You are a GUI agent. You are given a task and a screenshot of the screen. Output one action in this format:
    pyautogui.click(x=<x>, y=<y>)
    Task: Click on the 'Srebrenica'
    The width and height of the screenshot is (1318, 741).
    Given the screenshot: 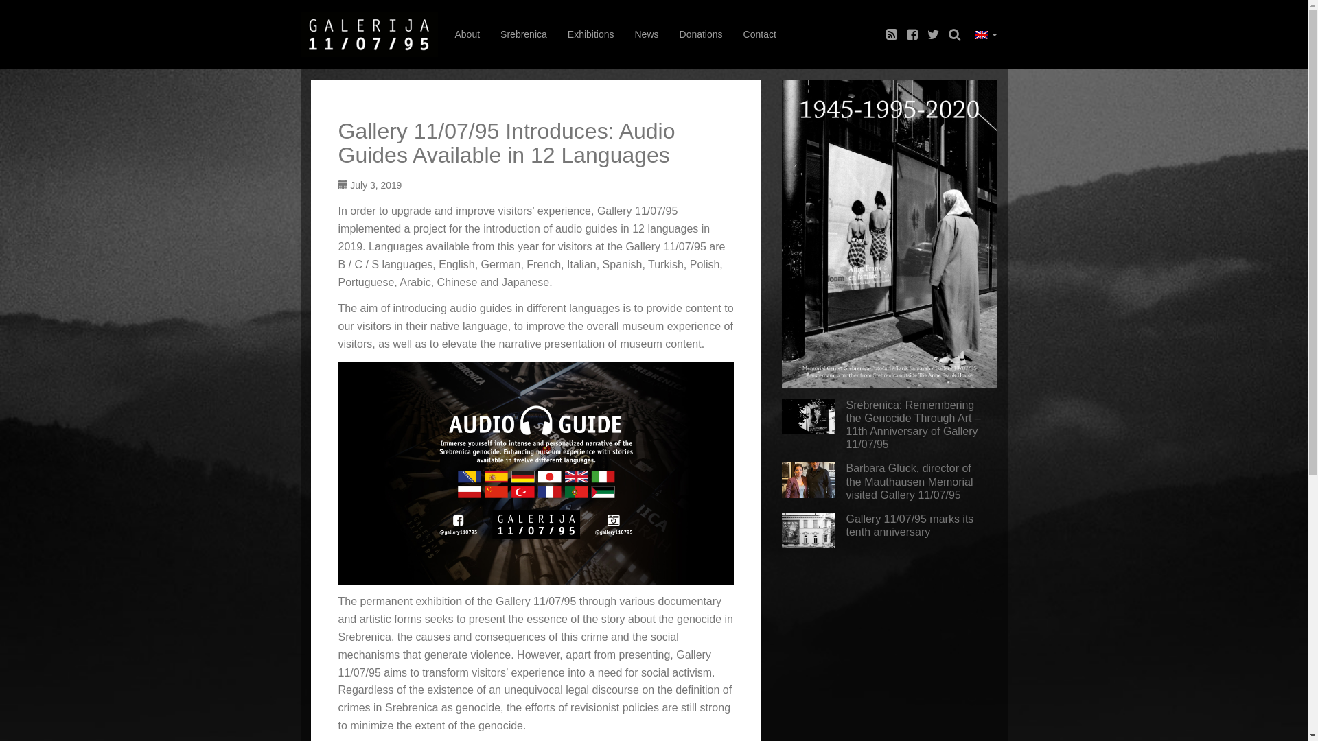 What is the action you would take?
    pyautogui.click(x=523, y=34)
    